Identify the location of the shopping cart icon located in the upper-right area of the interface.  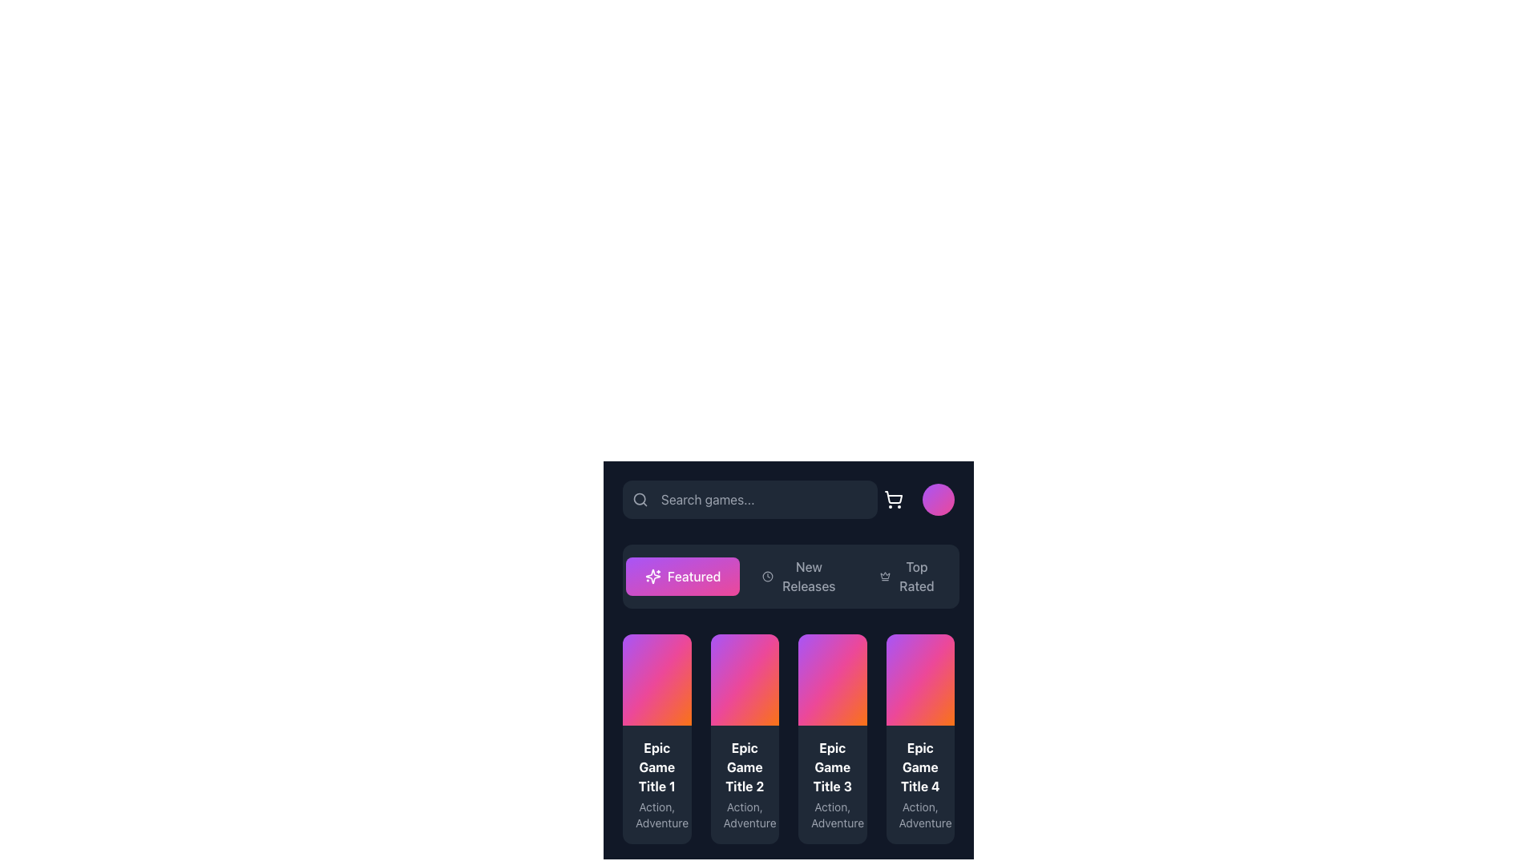
(892, 499).